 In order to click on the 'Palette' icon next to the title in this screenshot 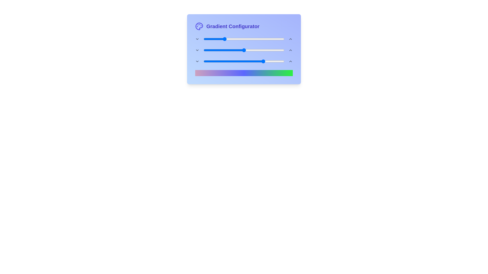, I will do `click(199, 26)`.